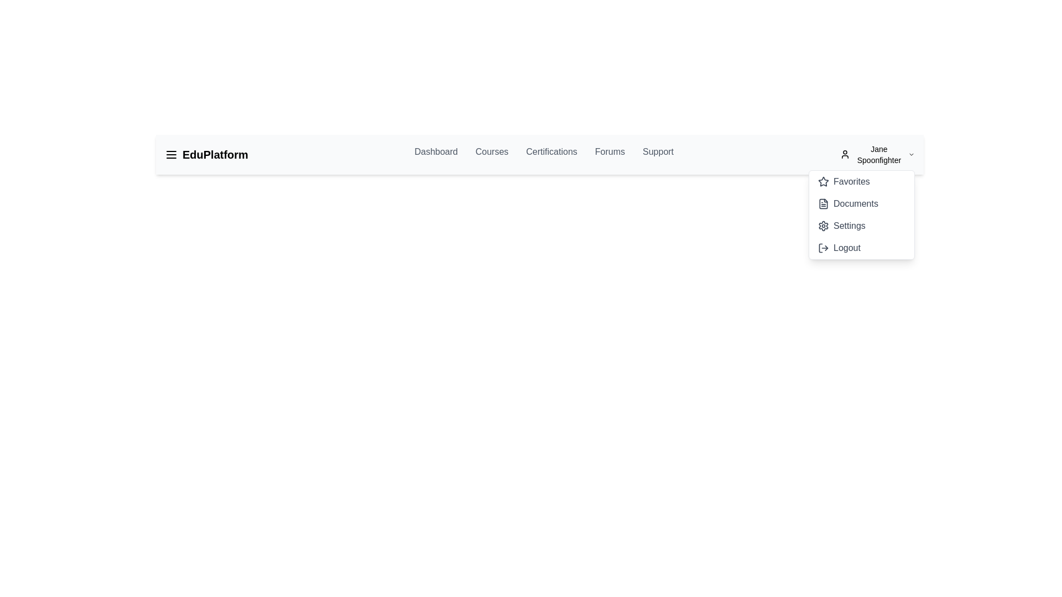 This screenshot has width=1062, height=597. What do you see at coordinates (878, 155) in the screenshot?
I see `the static text label displaying 'Jane Spoonfighter' located in the upper-right corner of the navigation bar, positioned between user icon and chevron icon` at bounding box center [878, 155].